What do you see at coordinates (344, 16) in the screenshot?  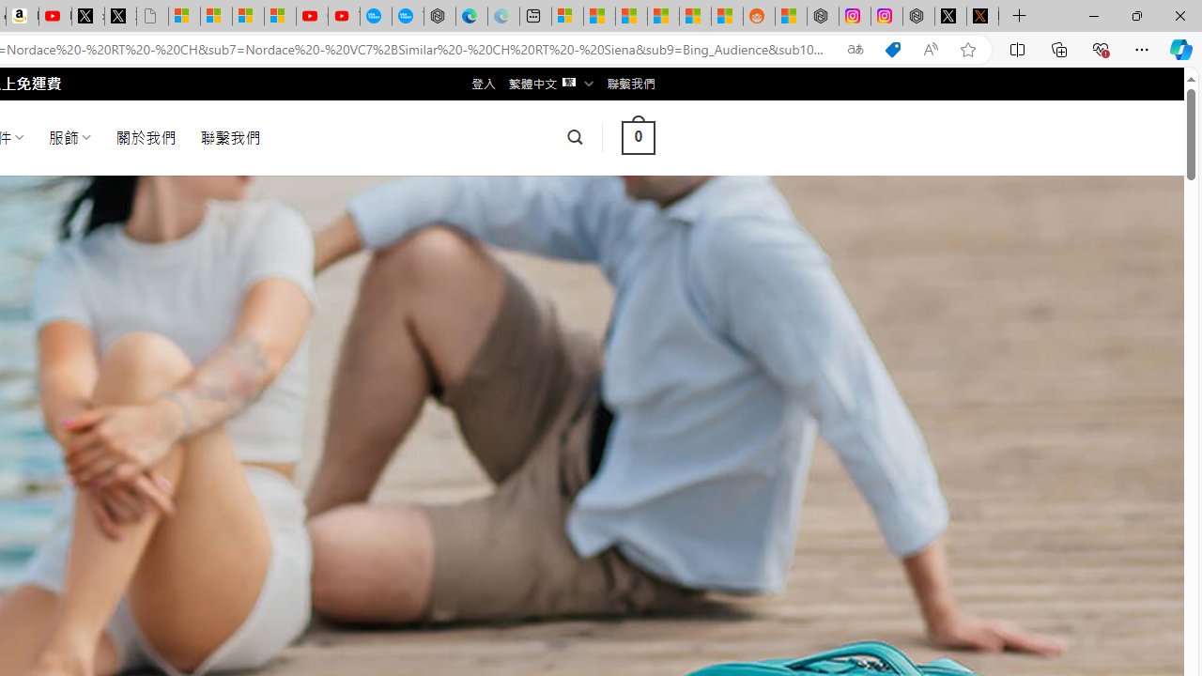 I see `'YouTube Kids - An App Created for Kids to Explore Content'` at bounding box center [344, 16].